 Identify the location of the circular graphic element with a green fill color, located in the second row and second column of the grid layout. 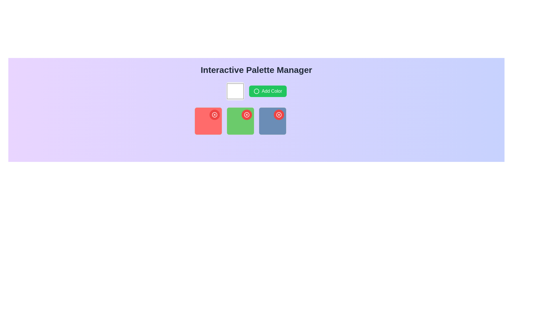
(256, 91).